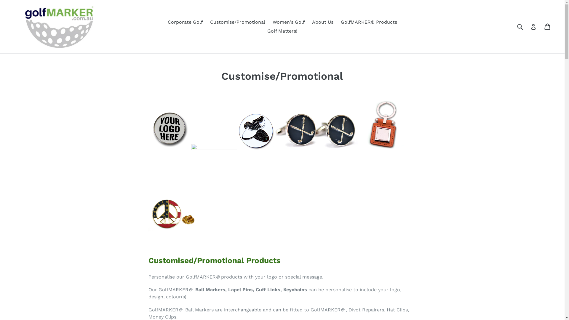 This screenshot has width=569, height=320. What do you see at coordinates (547, 26) in the screenshot?
I see `'Cart` at bounding box center [547, 26].